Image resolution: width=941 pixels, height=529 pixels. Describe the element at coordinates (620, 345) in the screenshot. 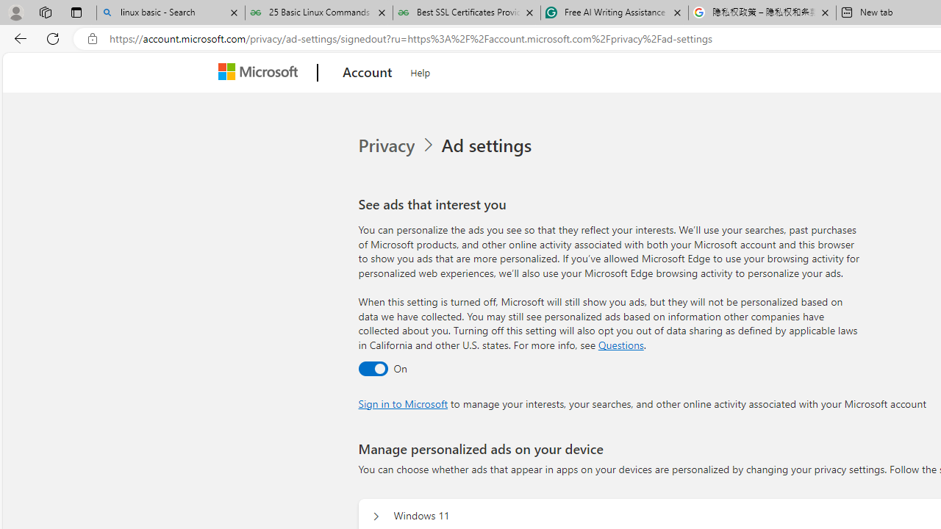

I see `'Go to Questions section'` at that location.